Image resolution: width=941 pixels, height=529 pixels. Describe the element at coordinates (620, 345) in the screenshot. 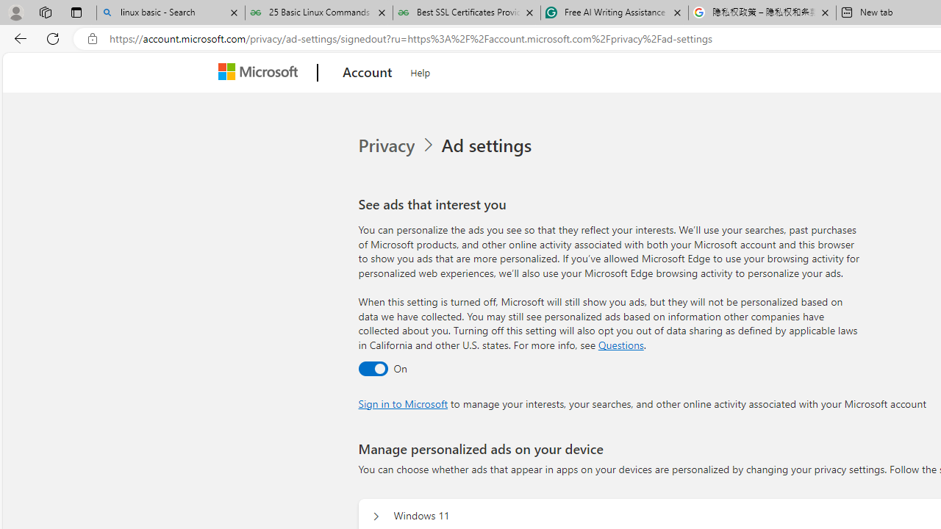

I see `'Go to Questions section'` at that location.